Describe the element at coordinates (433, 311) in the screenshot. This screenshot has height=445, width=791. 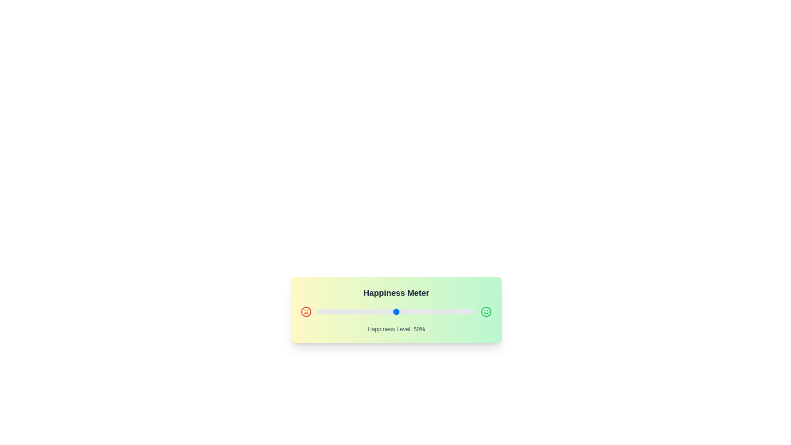
I see `the slider to set the happiness level to 73%` at that location.